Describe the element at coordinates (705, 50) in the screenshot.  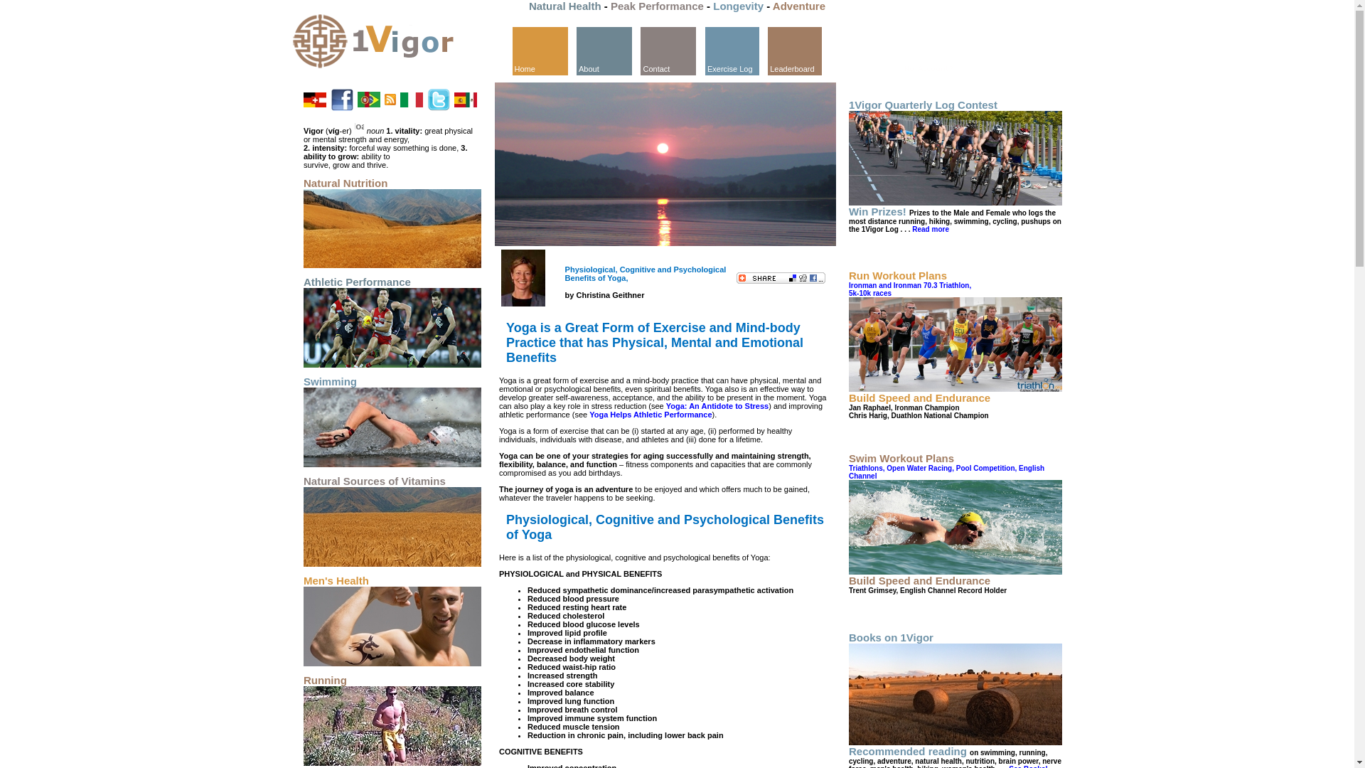
I see `'Exercise Log'` at that location.